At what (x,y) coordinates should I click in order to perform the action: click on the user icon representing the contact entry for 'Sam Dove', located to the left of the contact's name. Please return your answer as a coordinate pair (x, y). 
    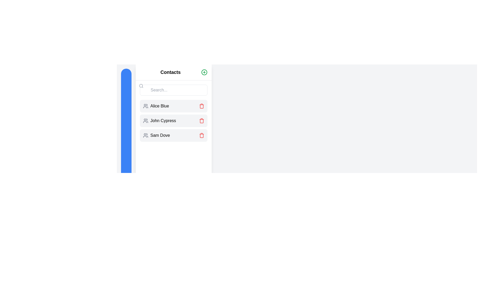
    Looking at the image, I should click on (146, 135).